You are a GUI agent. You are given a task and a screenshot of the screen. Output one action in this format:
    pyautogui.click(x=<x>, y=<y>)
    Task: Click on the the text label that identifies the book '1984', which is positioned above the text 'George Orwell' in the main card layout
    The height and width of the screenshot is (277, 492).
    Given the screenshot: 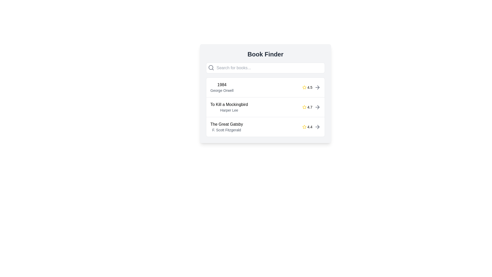 What is the action you would take?
    pyautogui.click(x=222, y=85)
    